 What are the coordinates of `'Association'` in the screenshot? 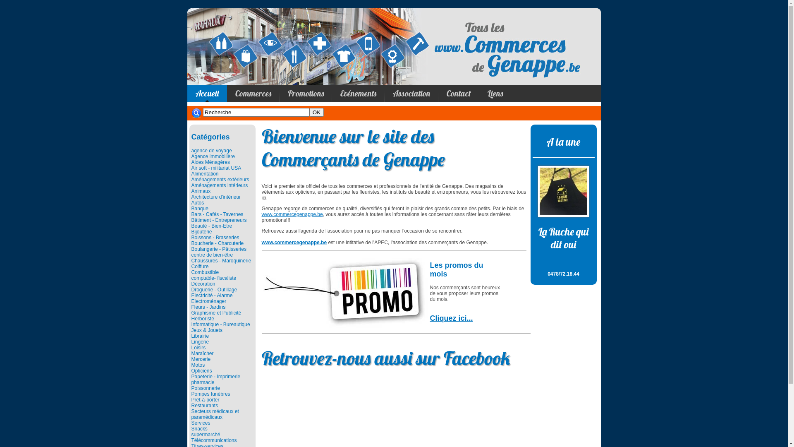 It's located at (384, 93).